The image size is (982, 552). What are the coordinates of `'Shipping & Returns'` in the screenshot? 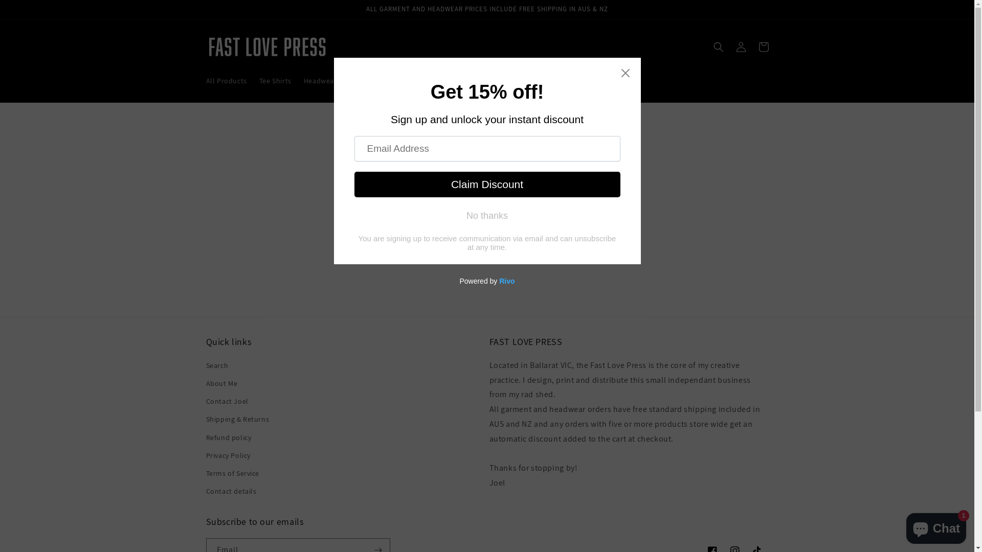 It's located at (237, 419).